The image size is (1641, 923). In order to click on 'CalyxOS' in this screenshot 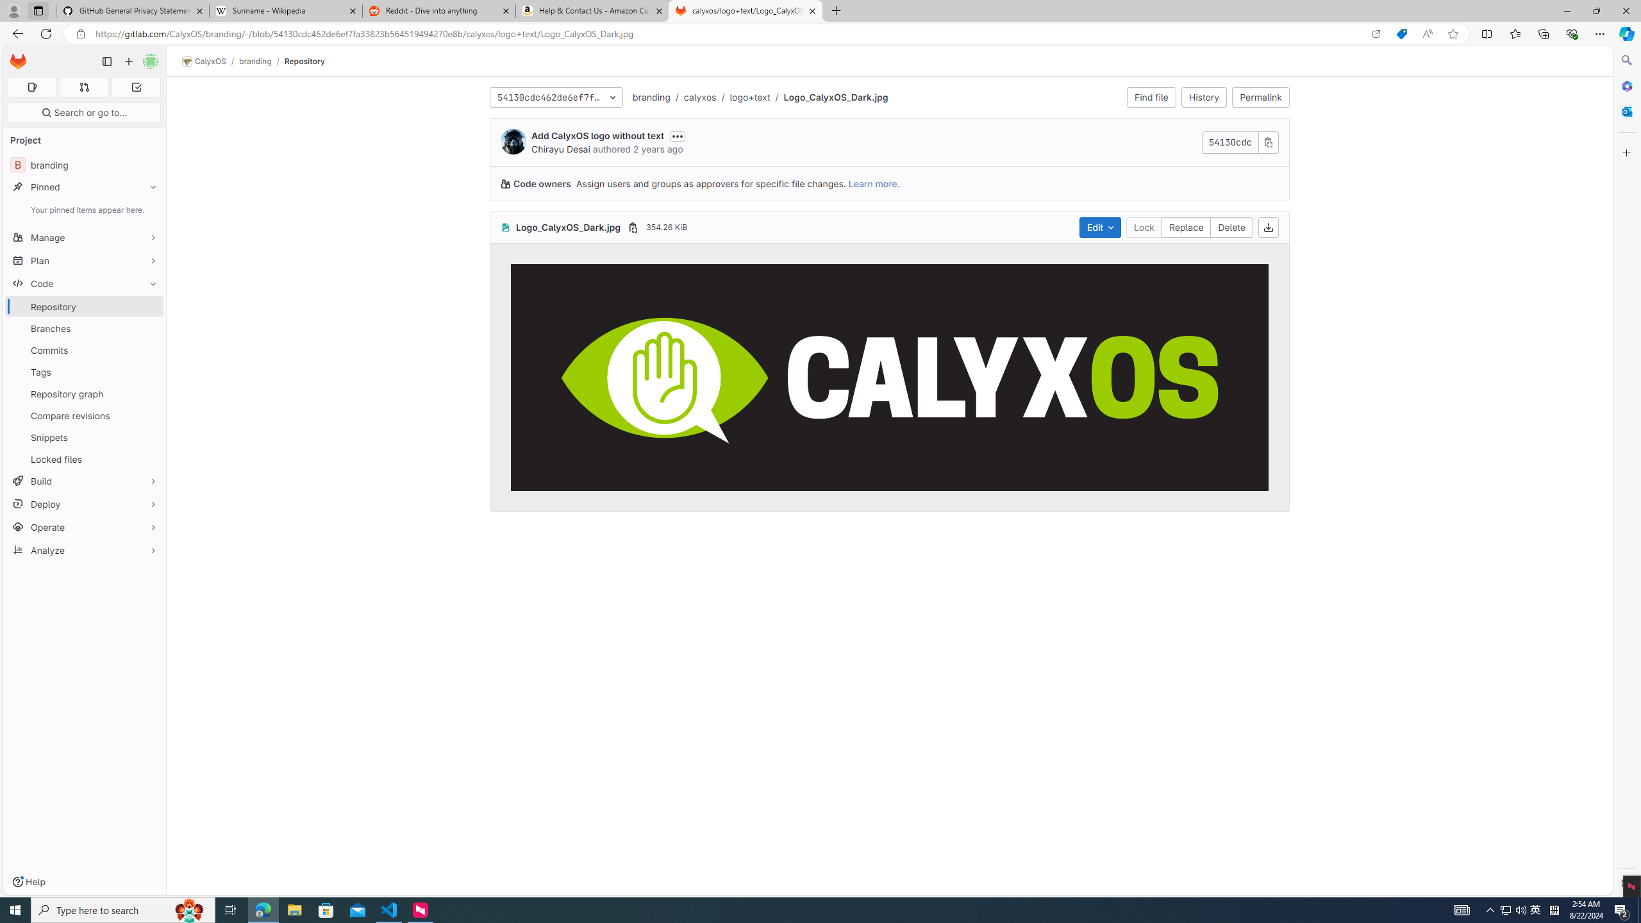, I will do `click(203, 61)`.